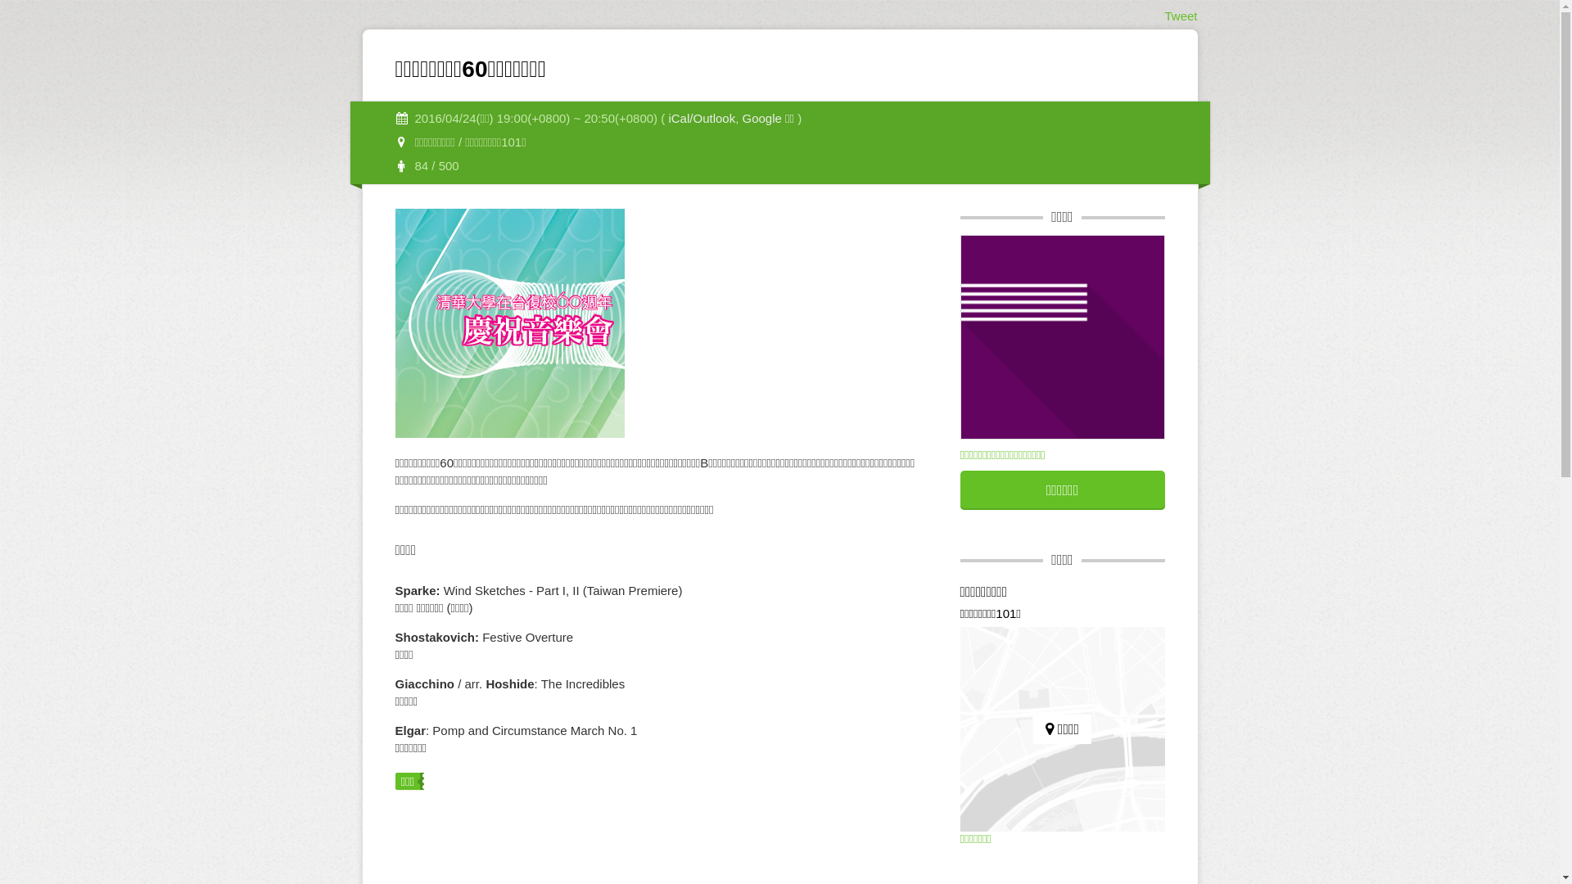 The height and width of the screenshot is (884, 1572). I want to click on 'Tweet', so click(1180, 16).